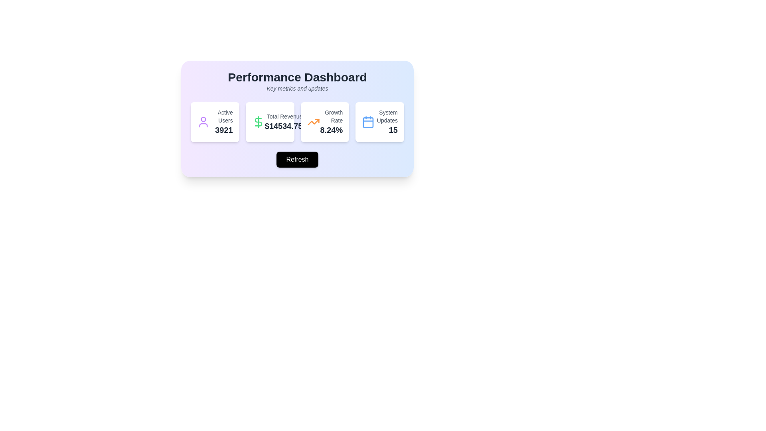  I want to click on the monetary value display showing '$14534.75' within the 'Total Revenue' section of the dashboard, so click(283, 126).